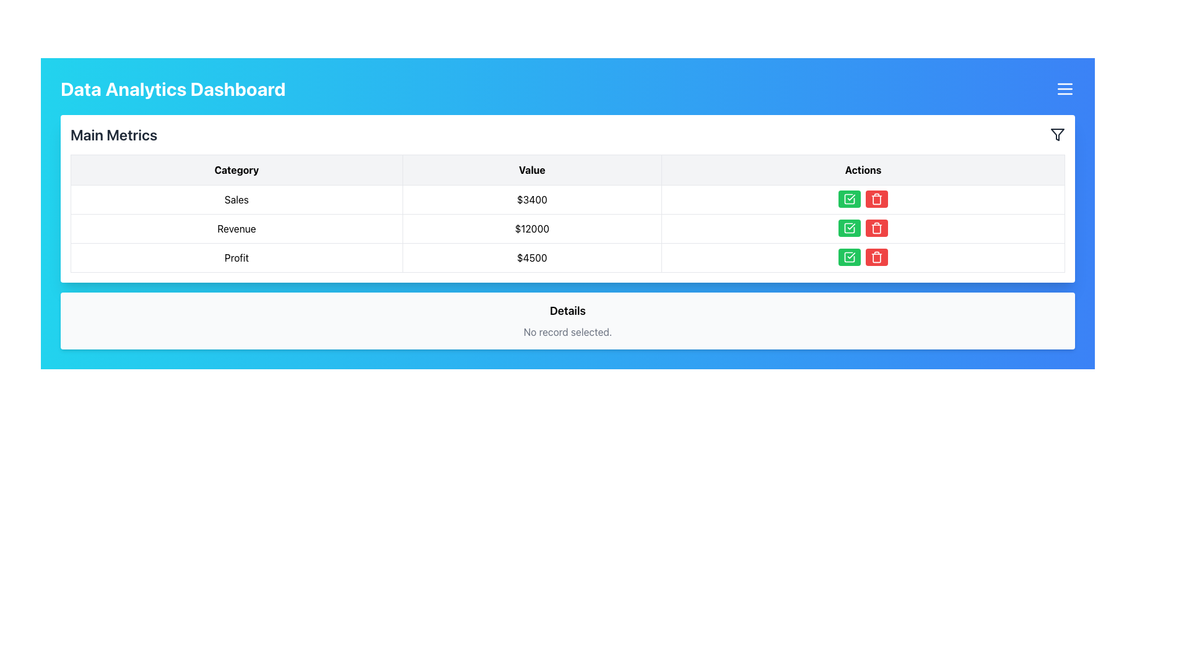 This screenshot has height=668, width=1189. Describe the element at coordinates (567, 257) in the screenshot. I see `the displayed profit value in the table under 'Main Metrics', specifically the value '$4500' in the third row next to the label 'Profit'` at that location.